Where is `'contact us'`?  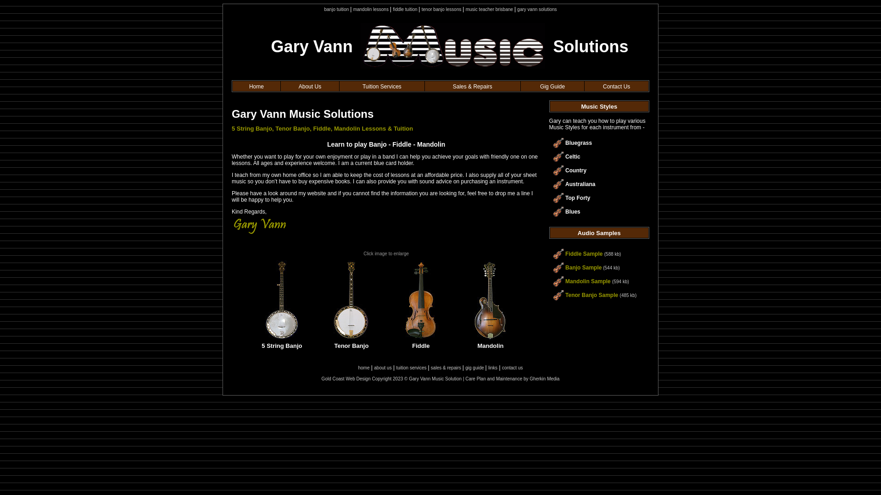 'contact us' is located at coordinates (502, 367).